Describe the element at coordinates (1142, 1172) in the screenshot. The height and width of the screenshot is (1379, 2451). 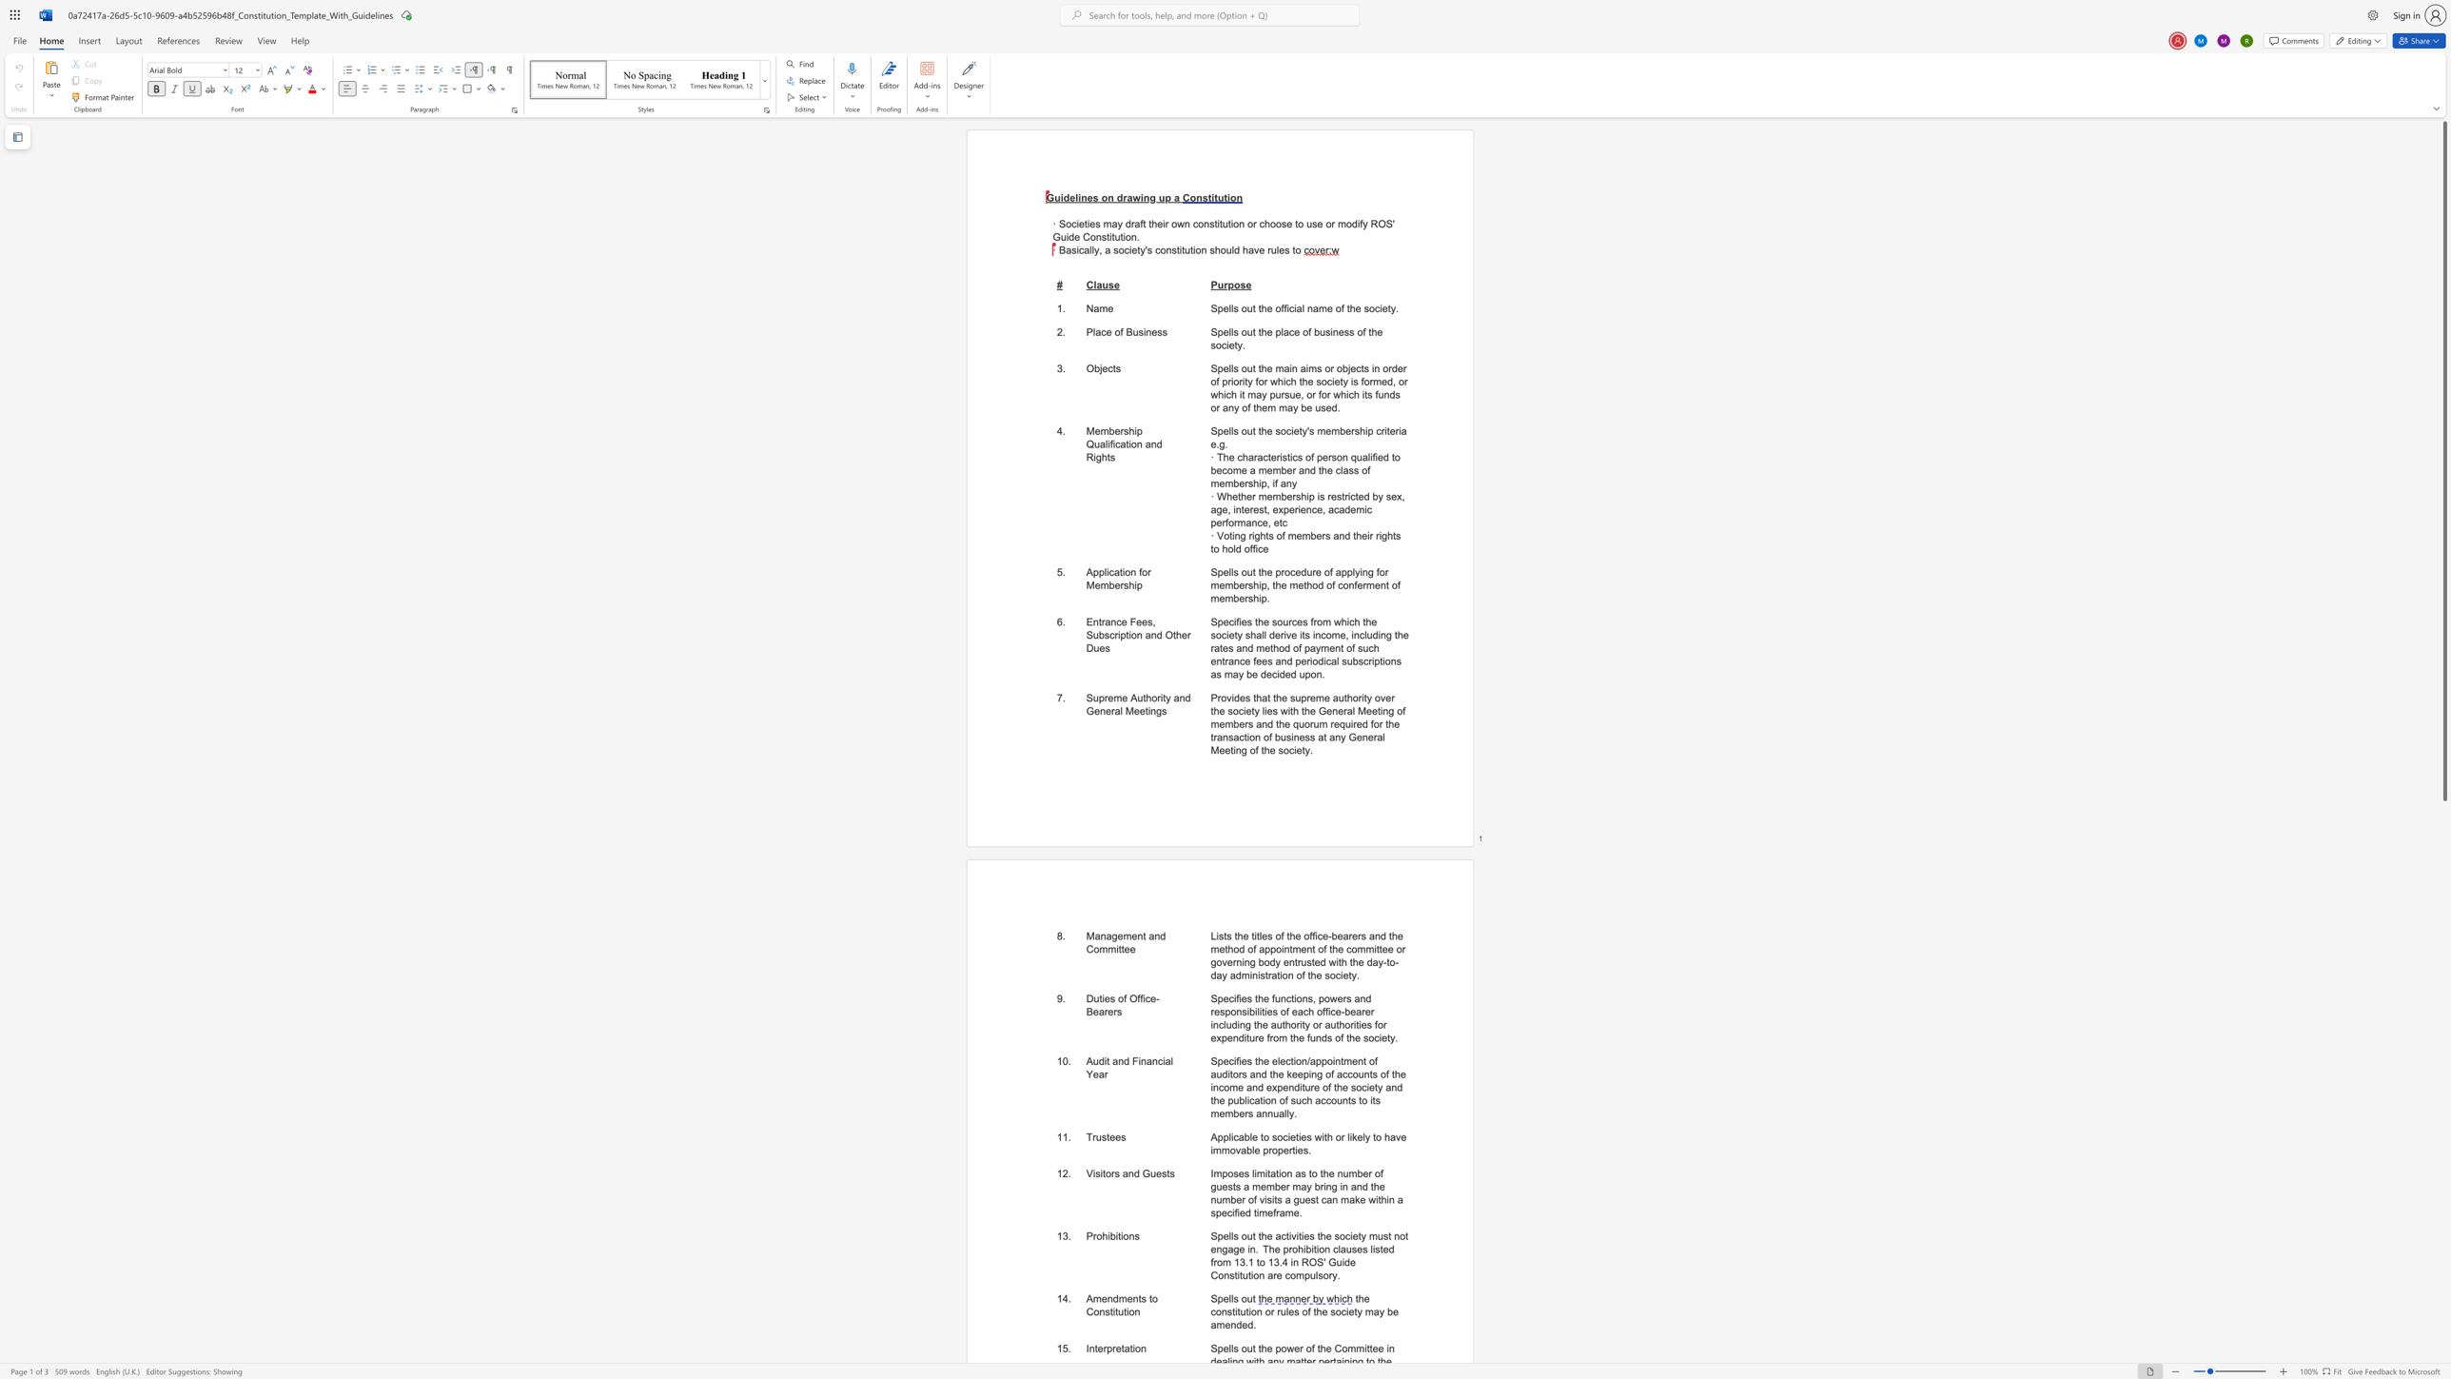
I see `the subset text "Guest" within the text "Visitors and Guests"` at that location.